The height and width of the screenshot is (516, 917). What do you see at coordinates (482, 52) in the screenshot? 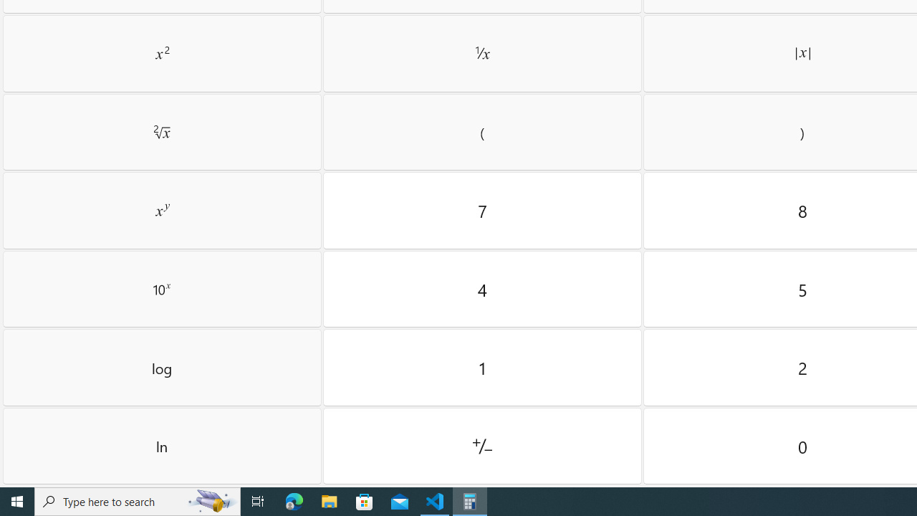
I see `'Reciprocal'` at bounding box center [482, 52].